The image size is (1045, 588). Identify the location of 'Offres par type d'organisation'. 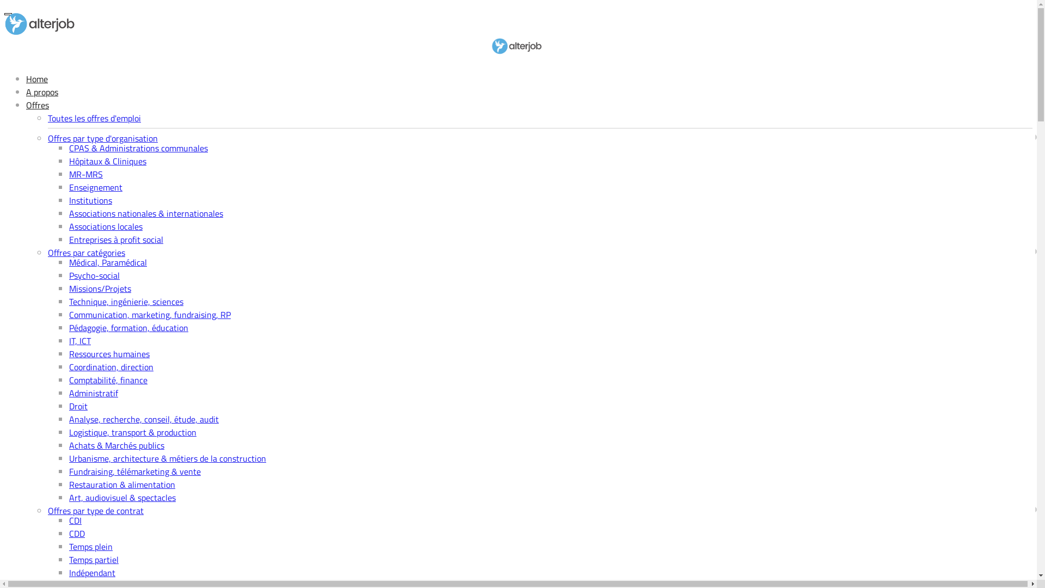
(102, 138).